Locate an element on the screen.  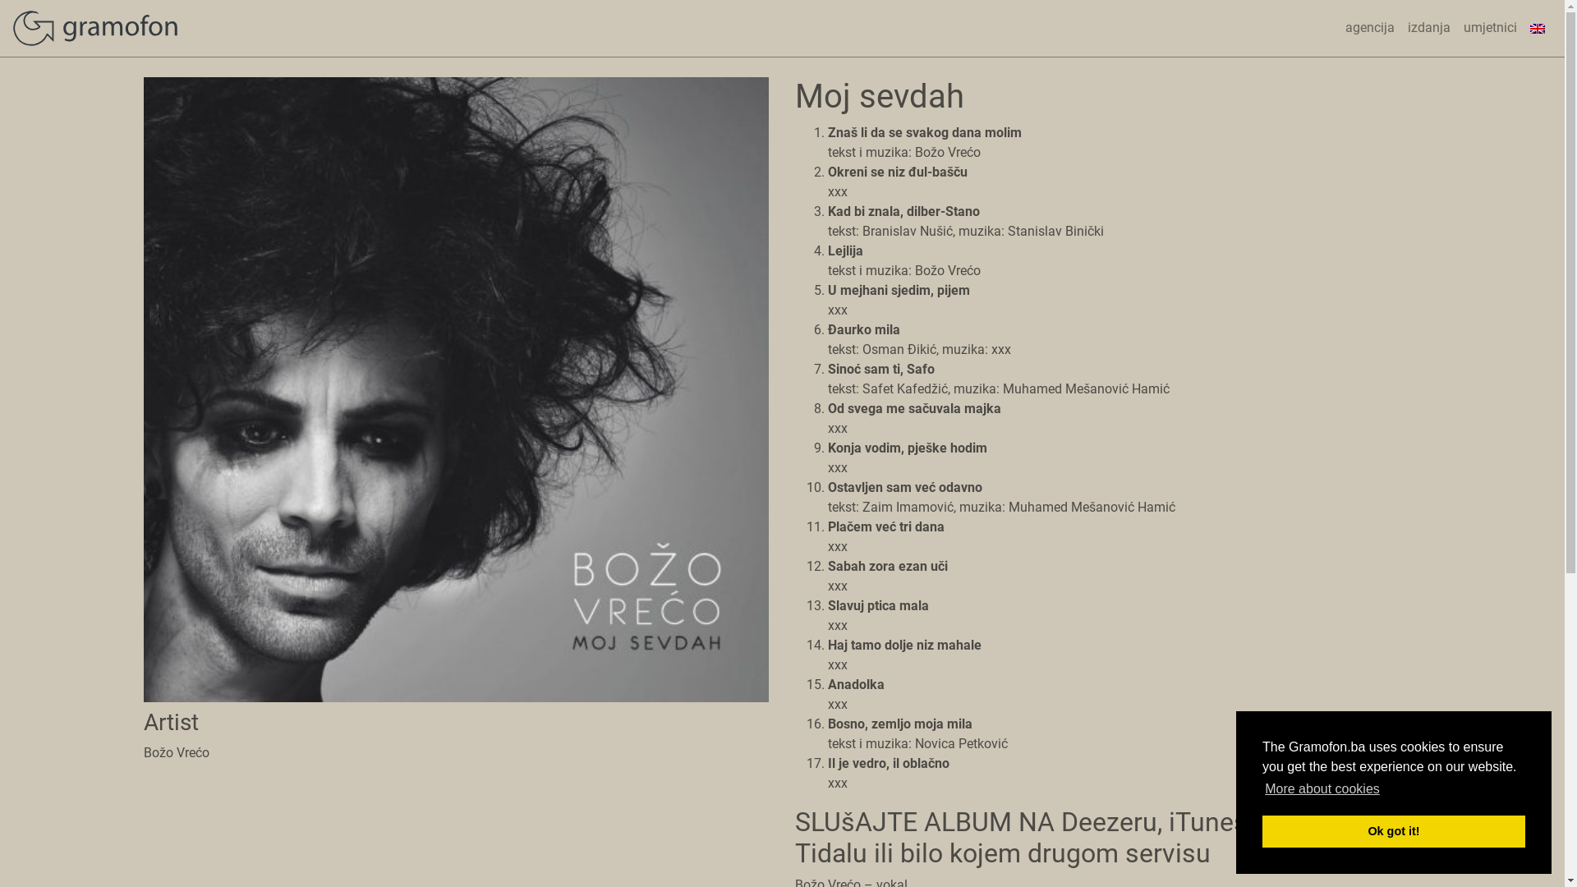
'Ok got it!' is located at coordinates (1393, 830).